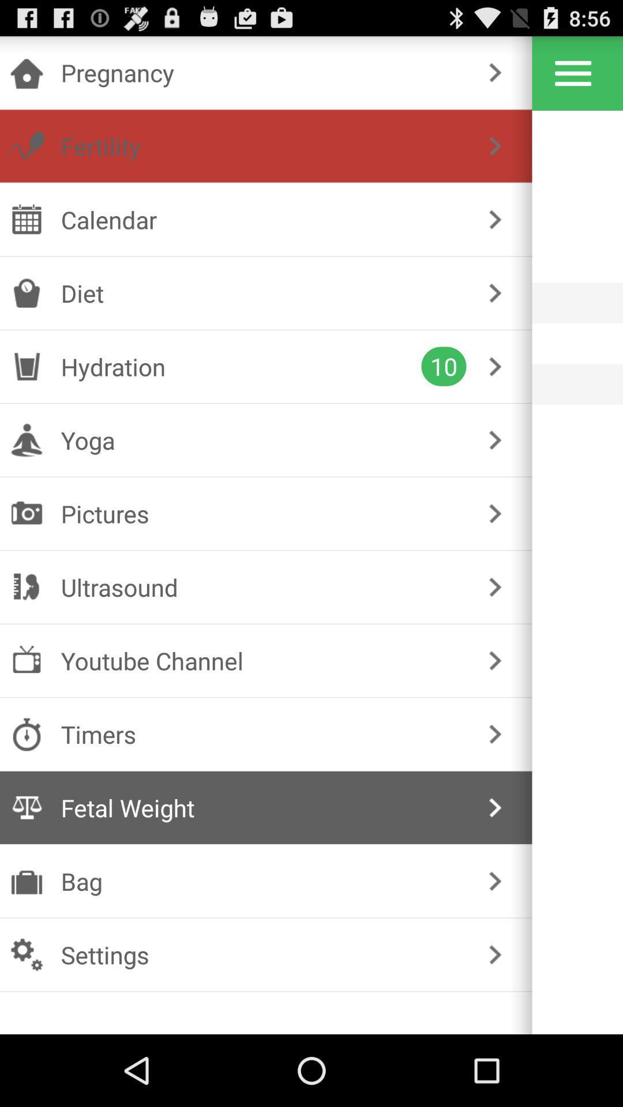 Image resolution: width=623 pixels, height=1107 pixels. Describe the element at coordinates (573, 73) in the screenshot. I see `settings` at that location.